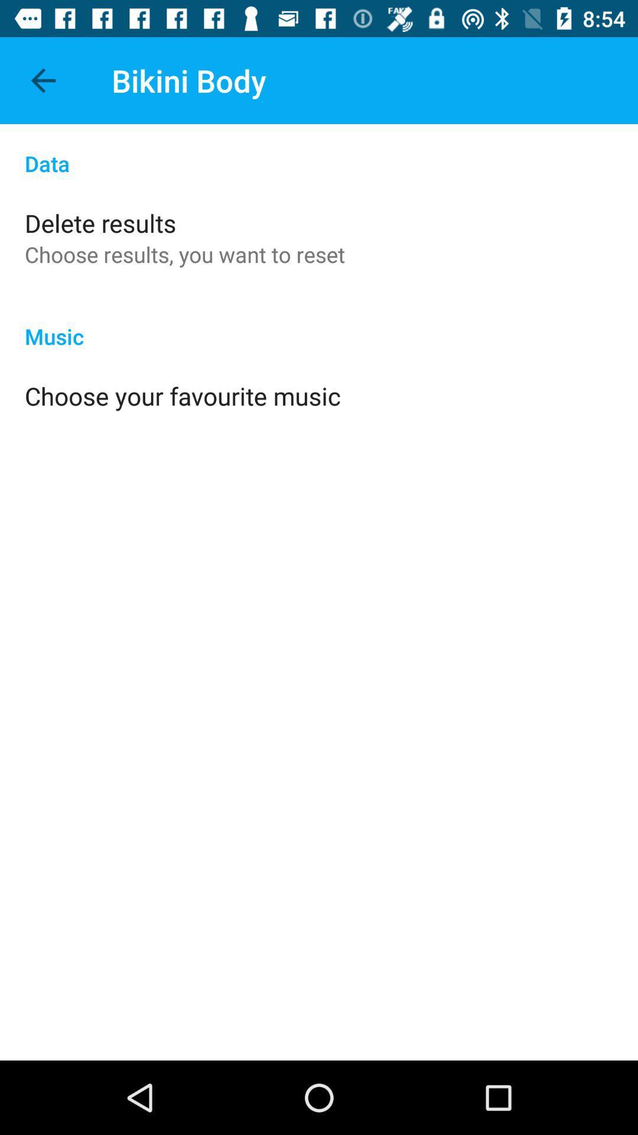  I want to click on the choose results you app, so click(185, 254).